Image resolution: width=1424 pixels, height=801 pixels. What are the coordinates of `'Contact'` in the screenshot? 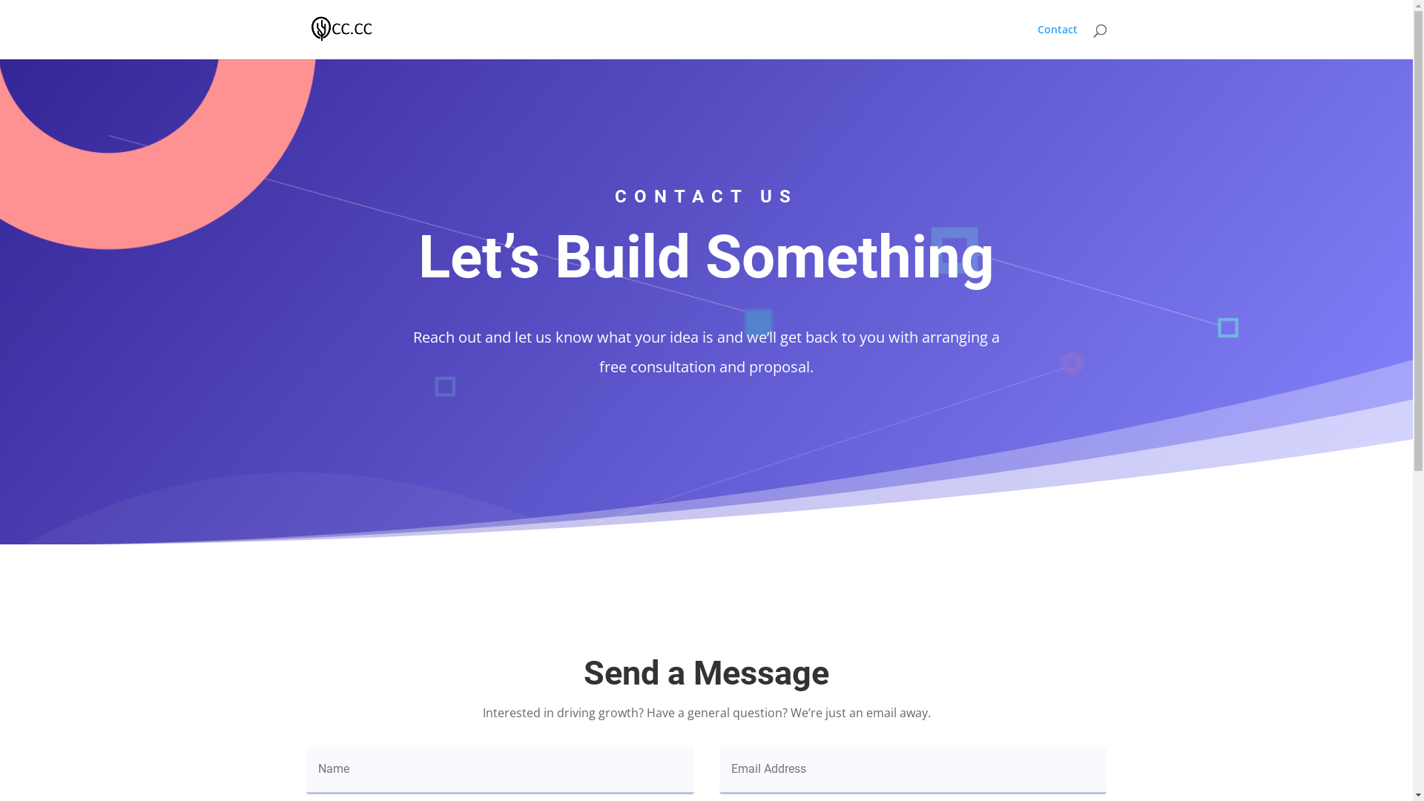 It's located at (1056, 41).